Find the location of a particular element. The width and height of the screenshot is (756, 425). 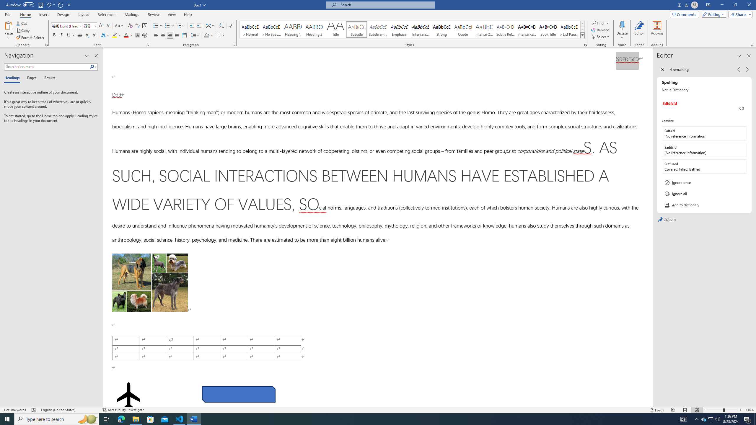

'Subtitle' is located at coordinates (356, 29).